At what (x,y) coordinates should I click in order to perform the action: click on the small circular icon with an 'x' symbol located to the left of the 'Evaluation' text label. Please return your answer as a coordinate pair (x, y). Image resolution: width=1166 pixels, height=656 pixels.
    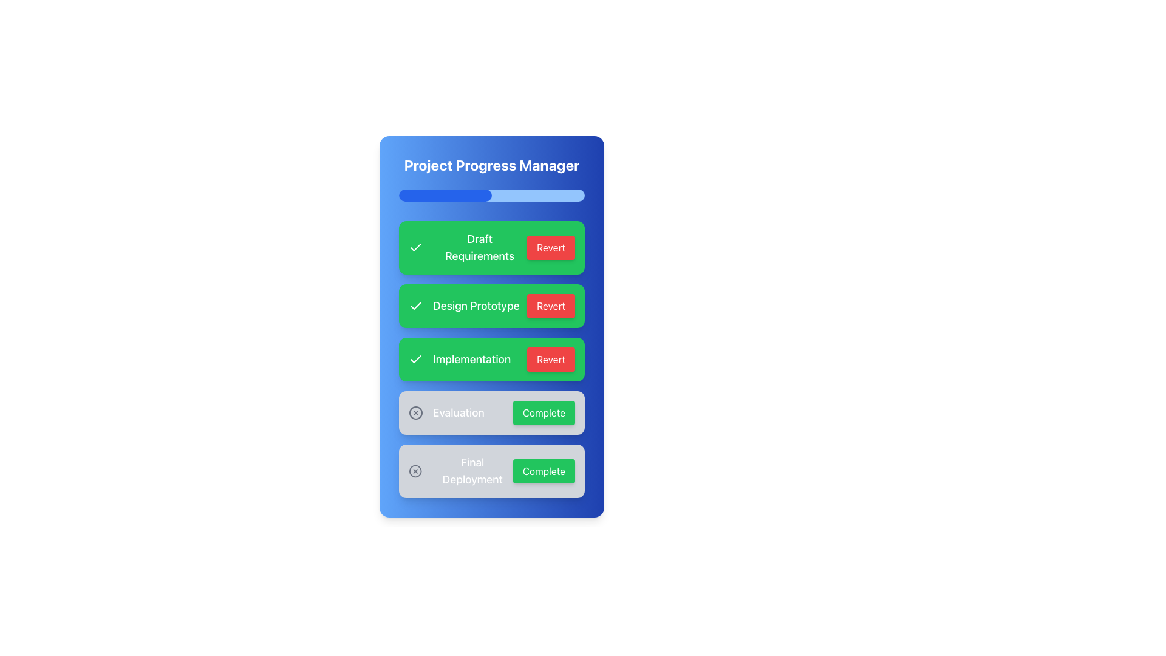
    Looking at the image, I should click on (416, 412).